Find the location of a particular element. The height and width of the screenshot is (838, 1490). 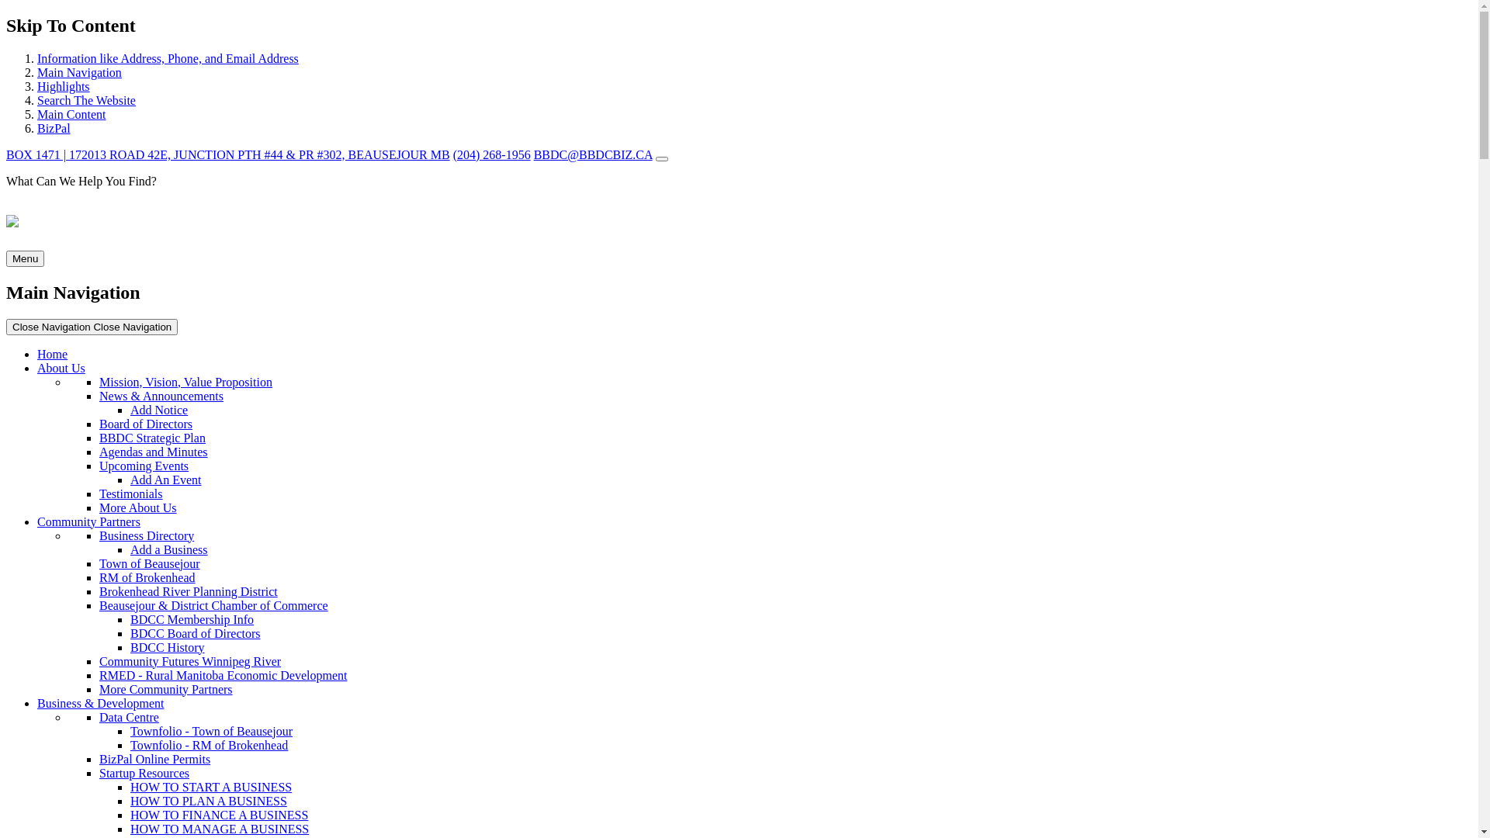

'Business & Development' is located at coordinates (37, 703).